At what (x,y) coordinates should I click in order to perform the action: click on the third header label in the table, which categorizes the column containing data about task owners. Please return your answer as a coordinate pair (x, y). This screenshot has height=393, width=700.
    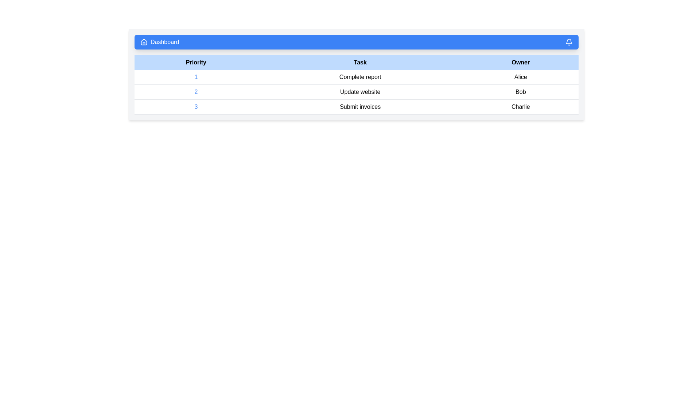
    Looking at the image, I should click on (520, 62).